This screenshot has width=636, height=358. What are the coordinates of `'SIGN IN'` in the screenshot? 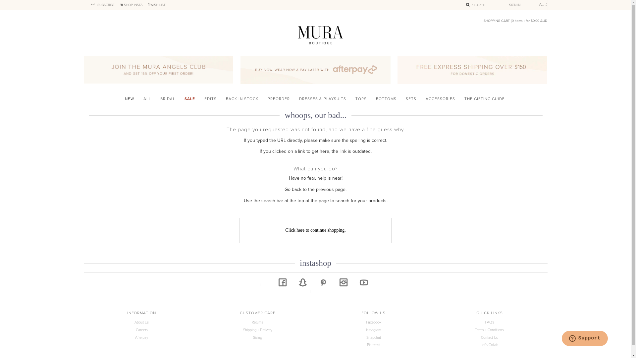 It's located at (514, 5).